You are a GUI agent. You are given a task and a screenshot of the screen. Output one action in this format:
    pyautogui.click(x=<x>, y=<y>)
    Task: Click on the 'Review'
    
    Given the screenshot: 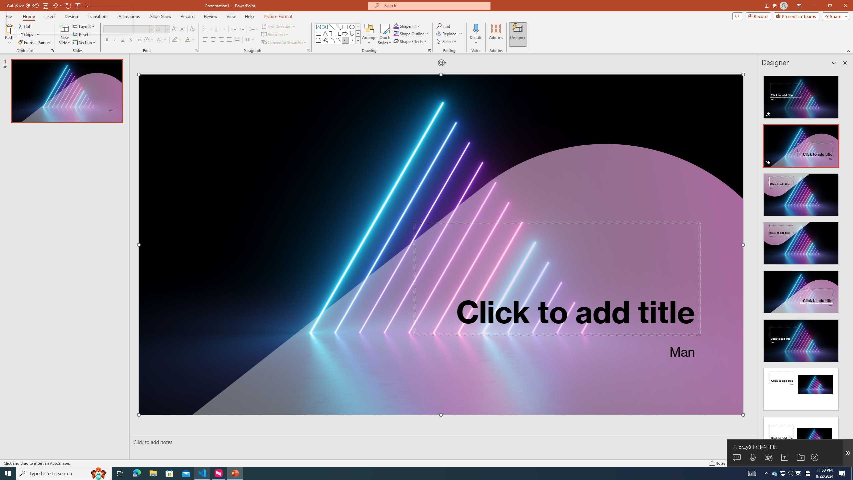 What is the action you would take?
    pyautogui.click(x=210, y=16)
    